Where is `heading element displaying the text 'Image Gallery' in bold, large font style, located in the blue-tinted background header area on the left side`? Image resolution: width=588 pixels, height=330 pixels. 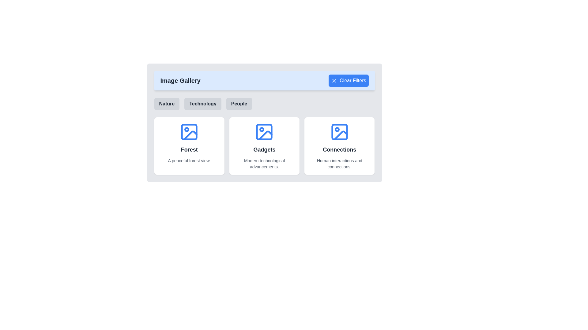 heading element displaying the text 'Image Gallery' in bold, large font style, located in the blue-tinted background header area on the left side is located at coordinates (180, 80).